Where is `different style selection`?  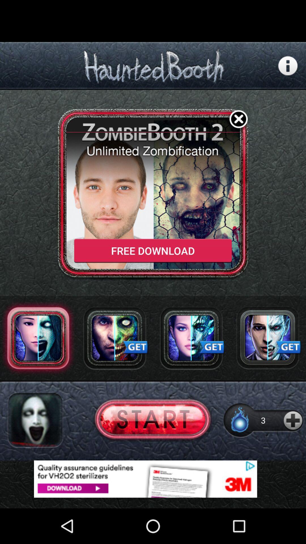 different style selection is located at coordinates (268, 338).